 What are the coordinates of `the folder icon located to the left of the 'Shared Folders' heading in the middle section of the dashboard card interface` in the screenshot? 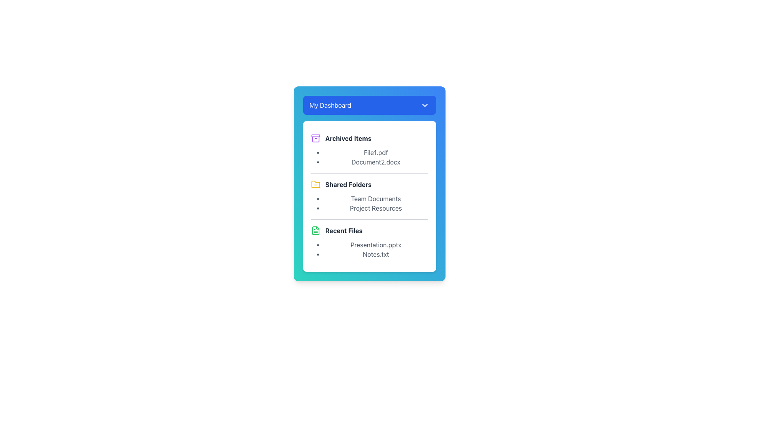 It's located at (315, 184).